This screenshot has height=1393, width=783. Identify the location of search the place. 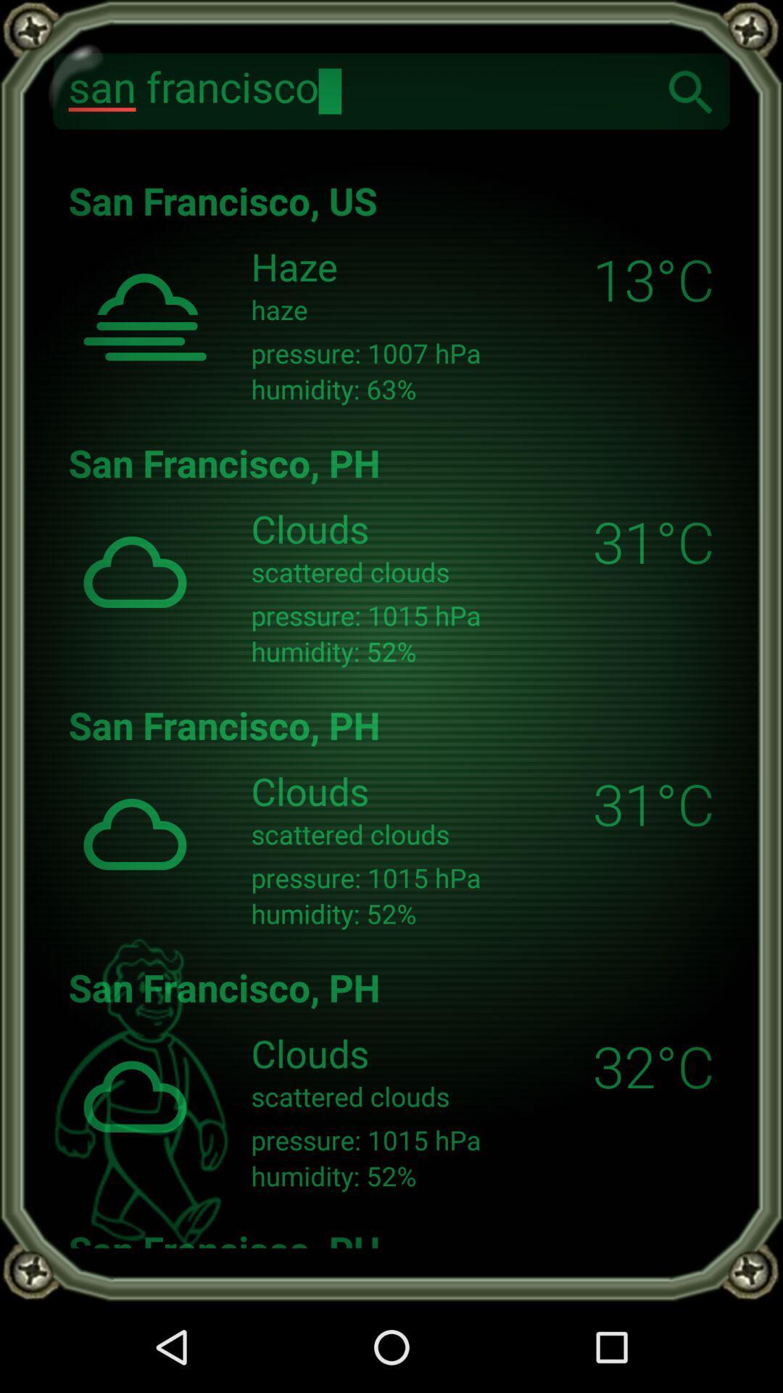
(690, 90).